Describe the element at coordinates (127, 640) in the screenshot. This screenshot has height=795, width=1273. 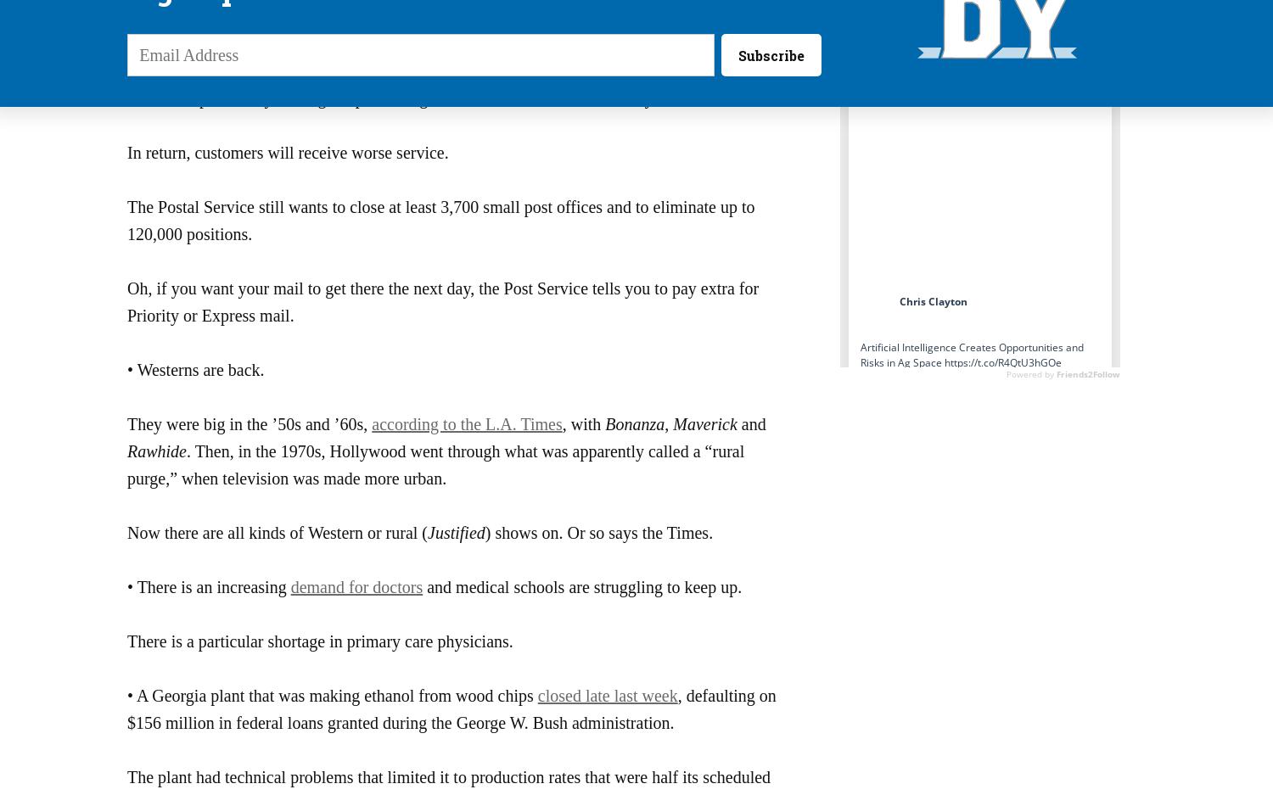
I see `'There is a particular shortage in primary care physicians.'` at that location.